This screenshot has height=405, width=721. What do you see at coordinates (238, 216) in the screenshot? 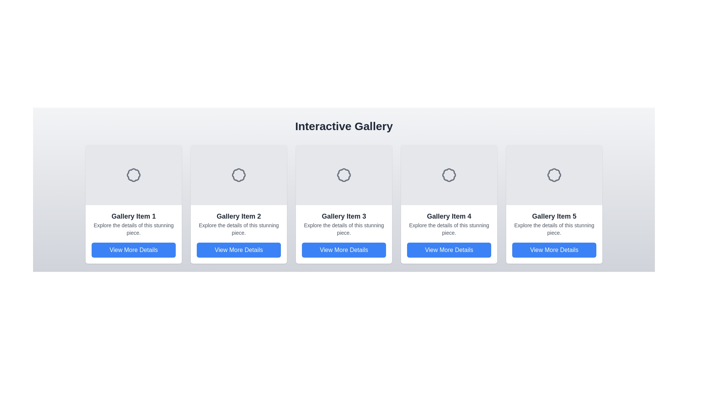
I see `the text label identifying 'Gallery Item 2', which serves as the title for the second item in a horizontally aligned gallery grid` at bounding box center [238, 216].